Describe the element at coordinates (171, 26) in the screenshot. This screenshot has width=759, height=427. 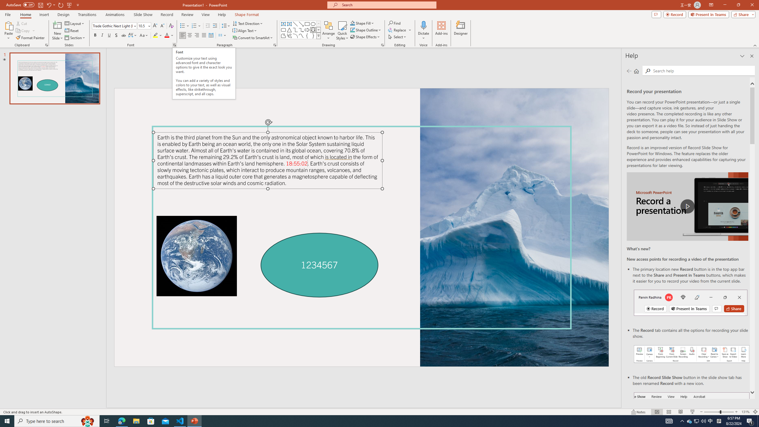
I see `'Clear Formatting'` at that location.